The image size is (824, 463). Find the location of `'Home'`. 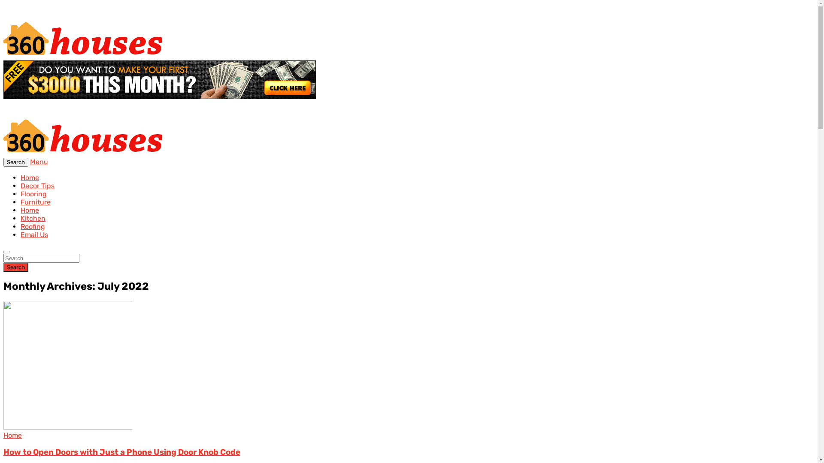

'Home' is located at coordinates (3, 435).